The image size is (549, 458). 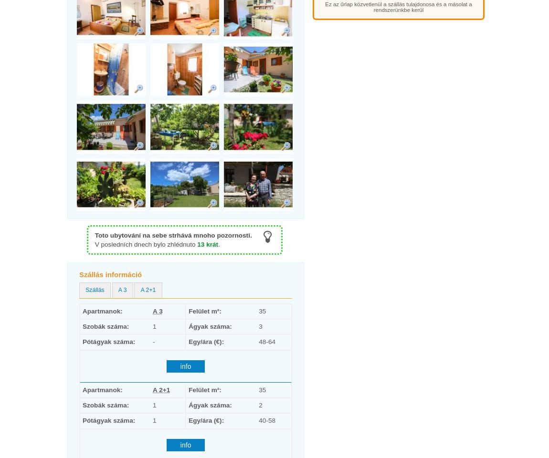 What do you see at coordinates (146, 244) in the screenshot?
I see `'V posledních dnech bylo zhlédnuto'` at bounding box center [146, 244].